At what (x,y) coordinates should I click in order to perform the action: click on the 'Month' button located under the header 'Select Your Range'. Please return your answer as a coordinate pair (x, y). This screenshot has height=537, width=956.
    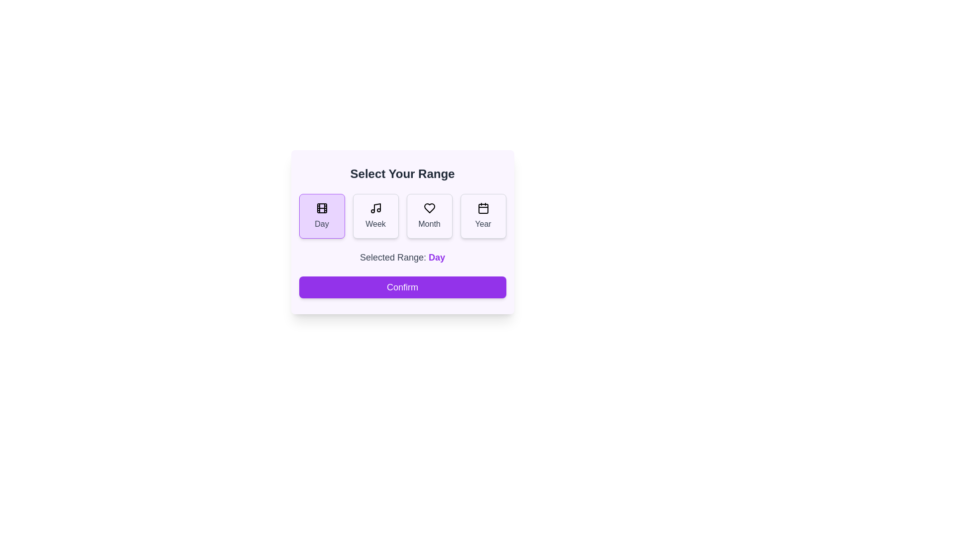
    Looking at the image, I should click on (429, 216).